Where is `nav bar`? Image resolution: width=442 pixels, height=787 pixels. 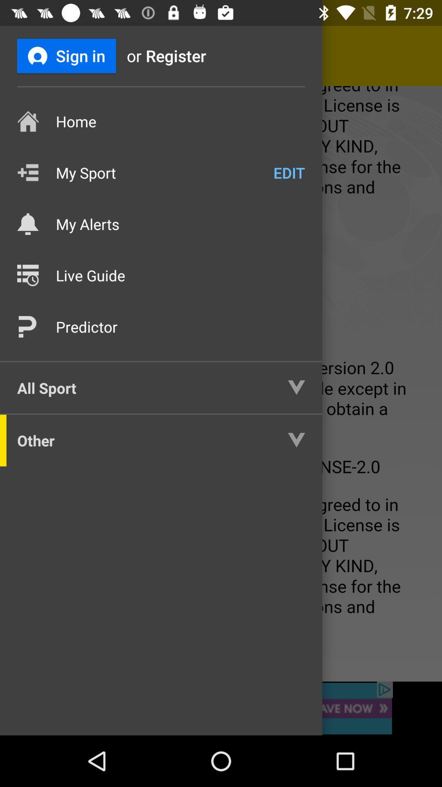
nav bar is located at coordinates (221, 383).